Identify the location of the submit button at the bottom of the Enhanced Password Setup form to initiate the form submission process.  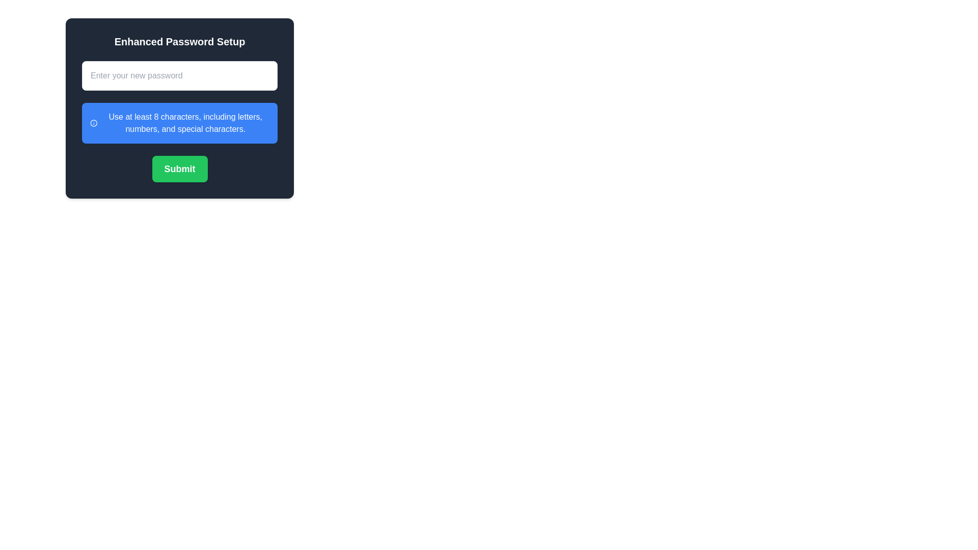
(180, 168).